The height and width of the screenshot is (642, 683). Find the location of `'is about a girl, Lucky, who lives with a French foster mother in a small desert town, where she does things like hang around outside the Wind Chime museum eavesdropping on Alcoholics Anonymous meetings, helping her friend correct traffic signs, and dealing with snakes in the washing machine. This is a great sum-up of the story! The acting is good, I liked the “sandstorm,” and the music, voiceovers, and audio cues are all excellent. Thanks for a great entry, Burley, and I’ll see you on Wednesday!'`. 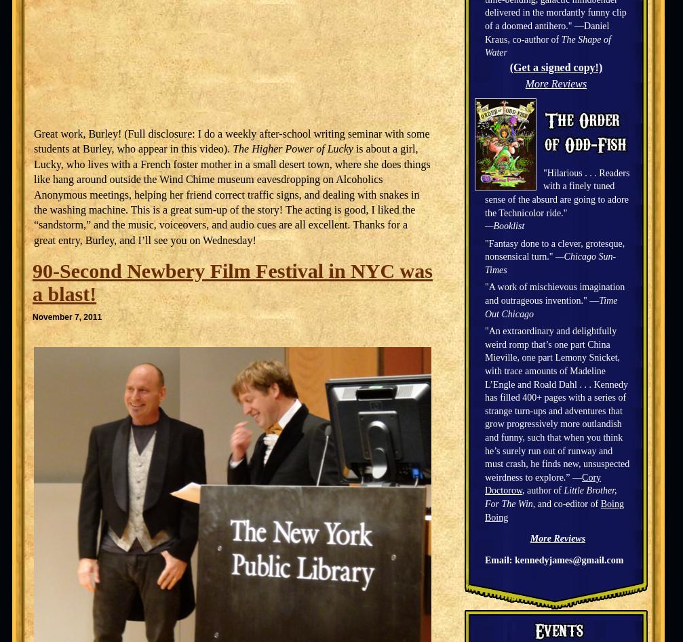

'is about a girl, Lucky, who lives with a French foster mother in a small desert town, where she does things like hang around outside the Wind Chime museum eavesdropping on Alcoholics Anonymous meetings, helping her friend correct traffic signs, and dealing with snakes in the washing machine. This is a great sum-up of the story! The acting is good, I liked the “sandstorm,” and the music, voiceovers, and audio cues are all excellent. Thanks for a great entry, Burley, and I’ll see you on Wednesday!' is located at coordinates (231, 193).